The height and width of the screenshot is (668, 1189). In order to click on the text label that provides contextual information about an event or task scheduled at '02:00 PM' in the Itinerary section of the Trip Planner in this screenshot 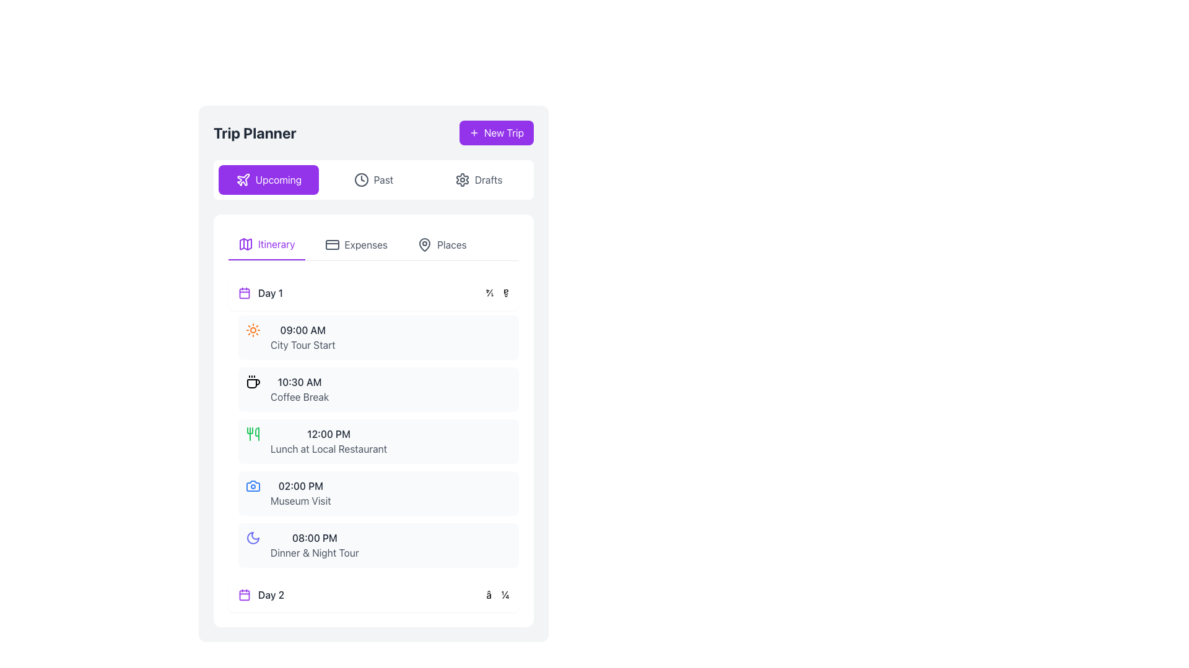, I will do `click(300, 501)`.